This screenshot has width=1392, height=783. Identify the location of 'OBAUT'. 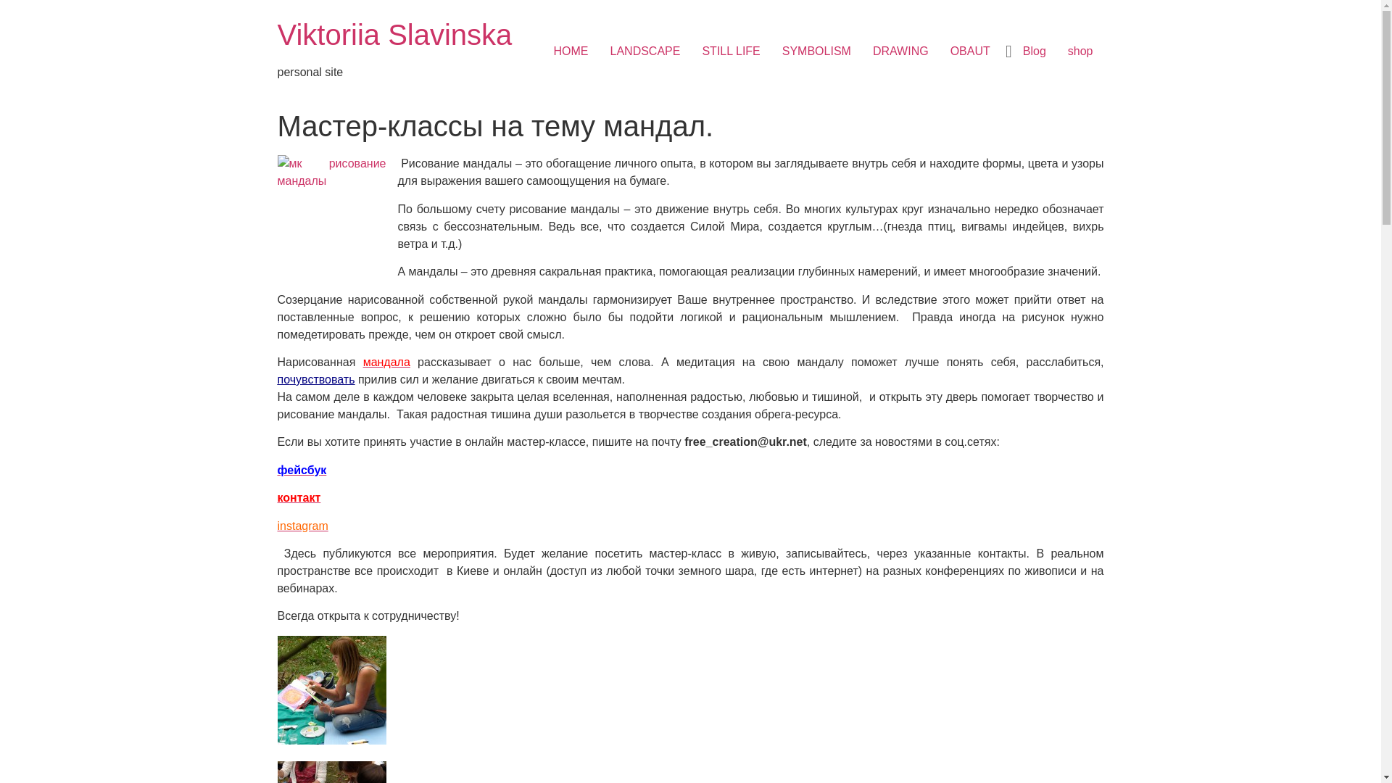
(970, 50).